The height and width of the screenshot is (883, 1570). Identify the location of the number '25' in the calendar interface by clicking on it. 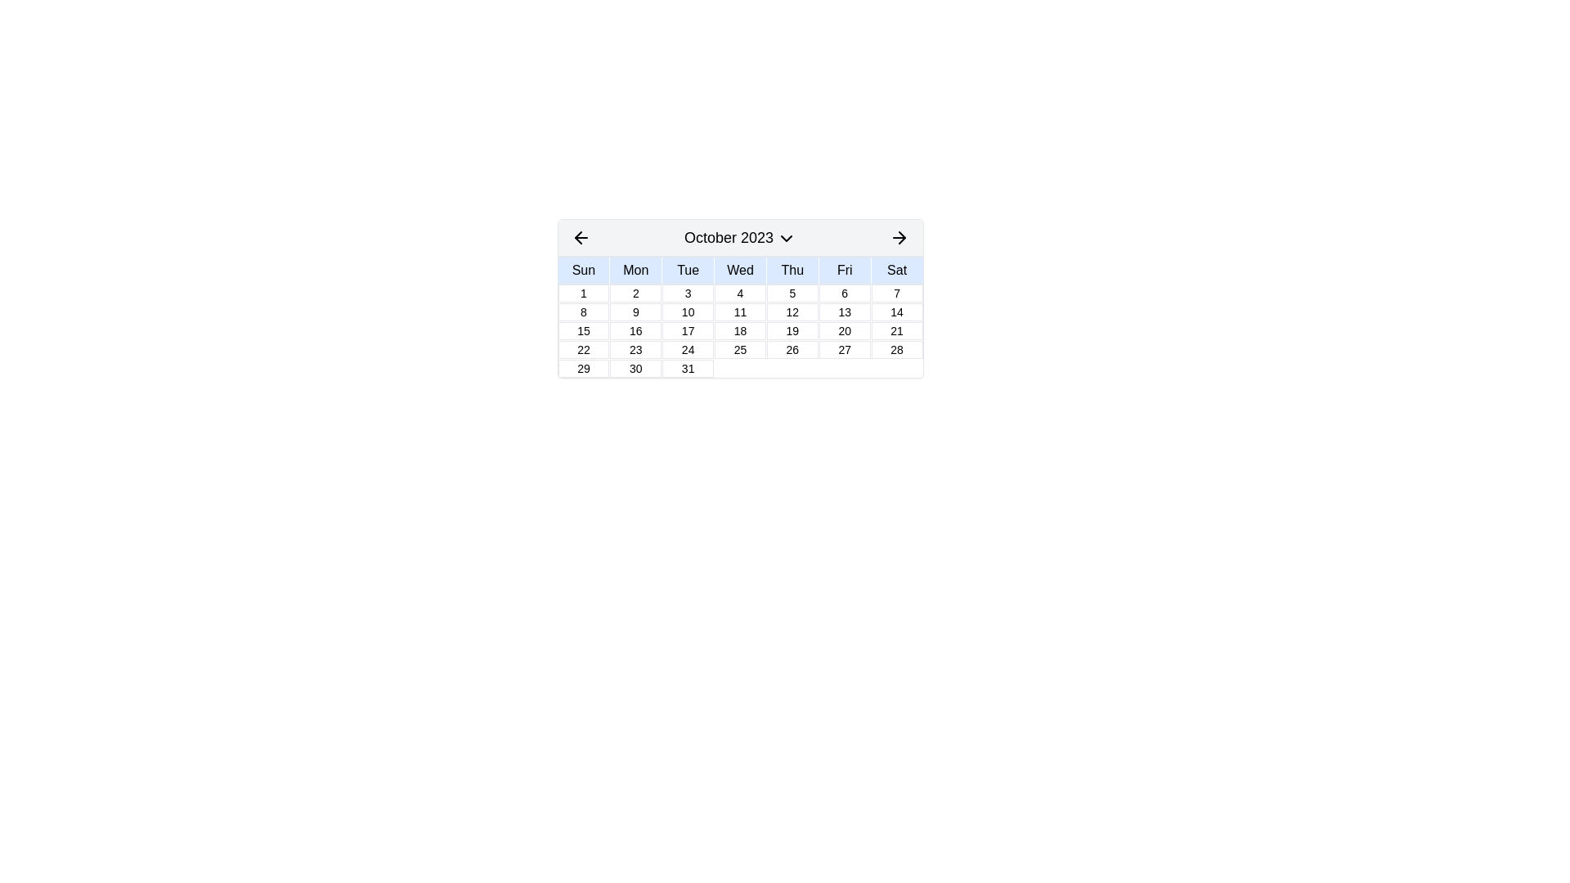
(739, 349).